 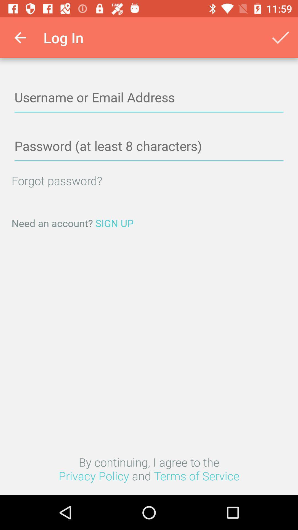 I want to click on username dialogue box, so click(x=149, y=98).